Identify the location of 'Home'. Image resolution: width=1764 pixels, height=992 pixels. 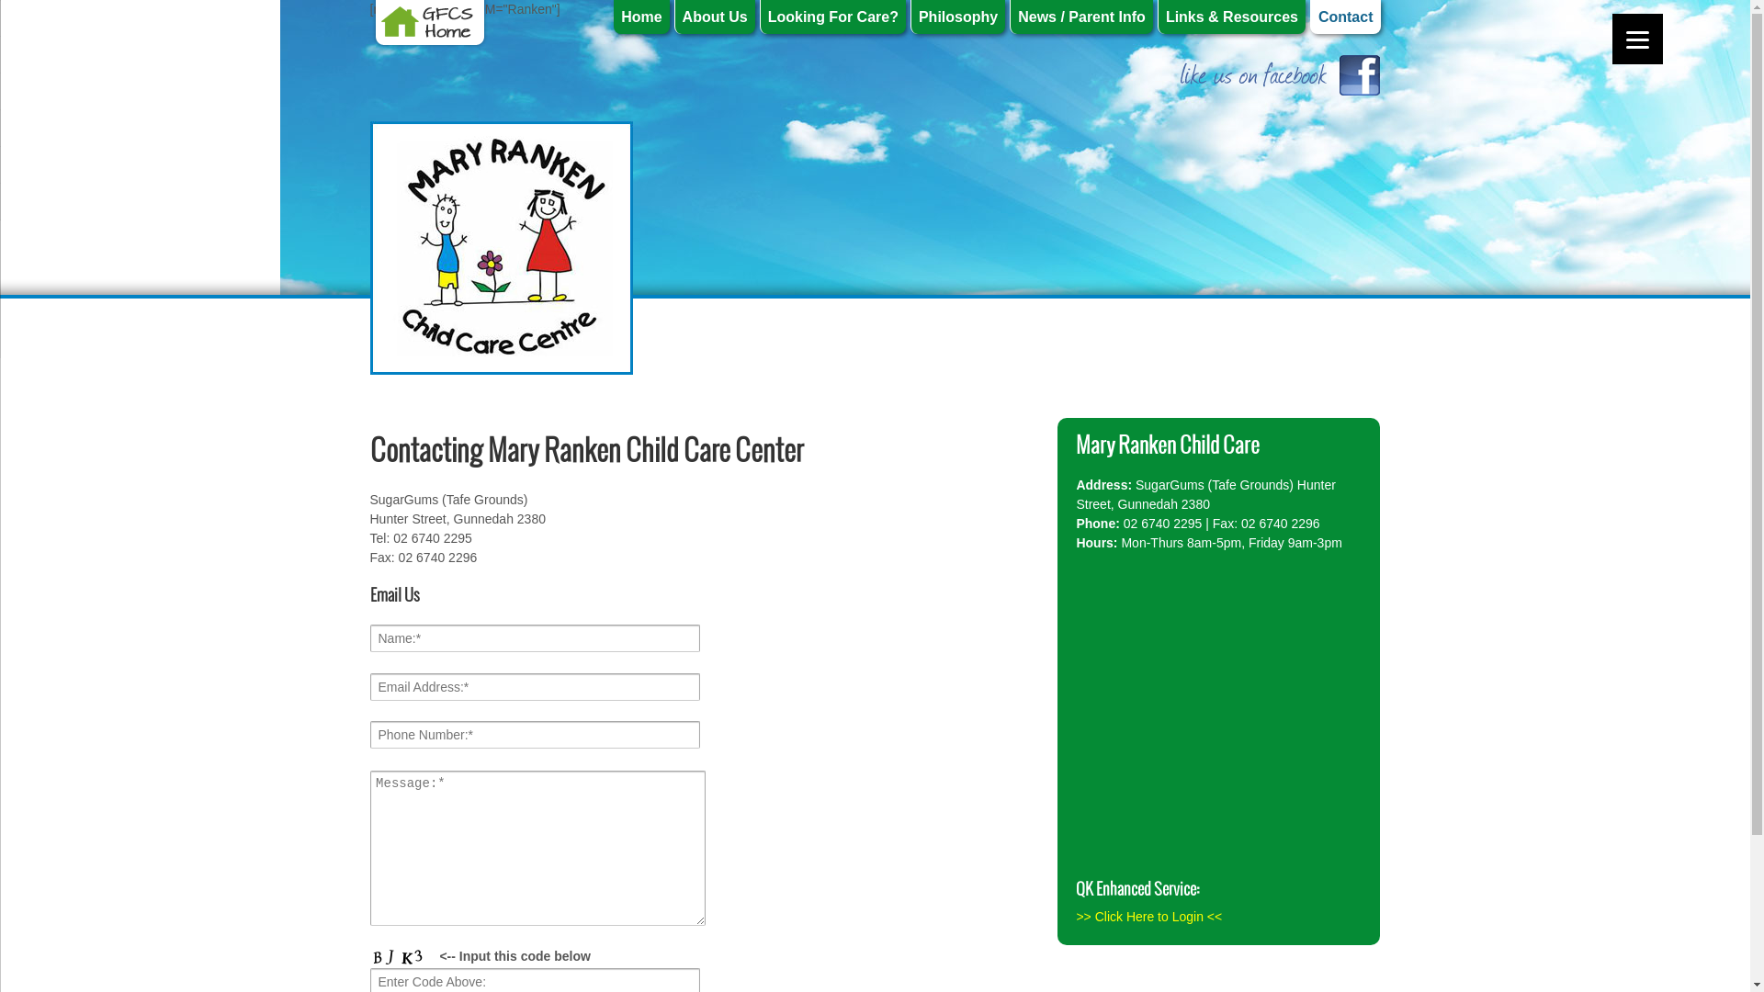
(640, 17).